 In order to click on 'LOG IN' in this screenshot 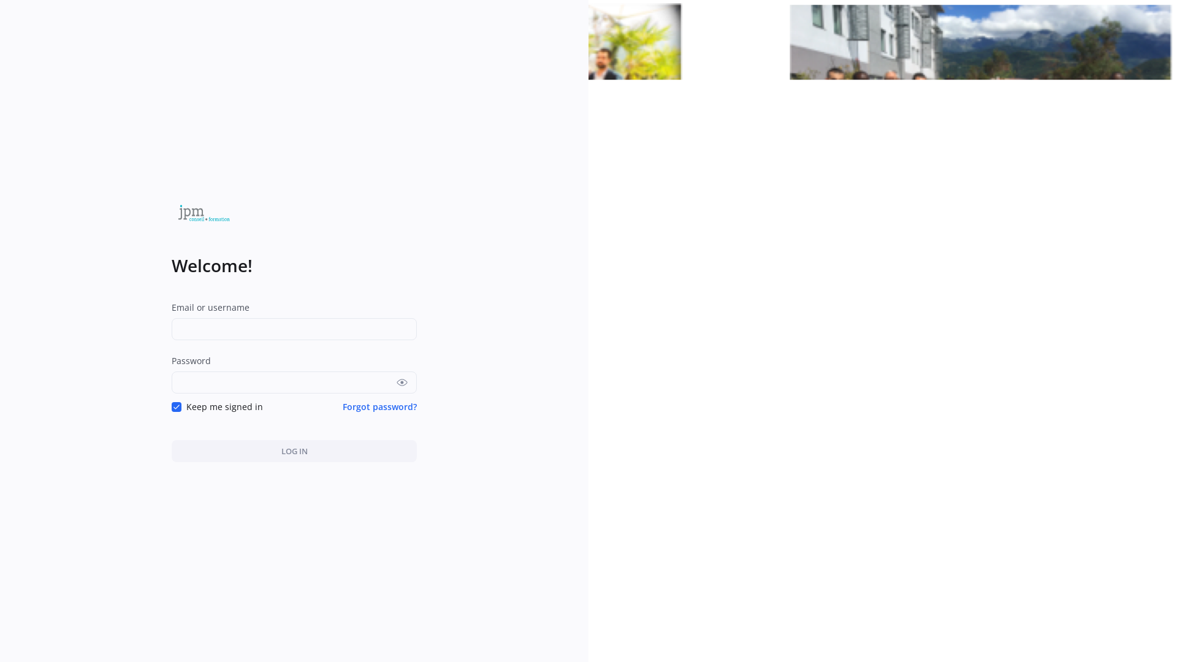, I will do `click(294, 436)`.